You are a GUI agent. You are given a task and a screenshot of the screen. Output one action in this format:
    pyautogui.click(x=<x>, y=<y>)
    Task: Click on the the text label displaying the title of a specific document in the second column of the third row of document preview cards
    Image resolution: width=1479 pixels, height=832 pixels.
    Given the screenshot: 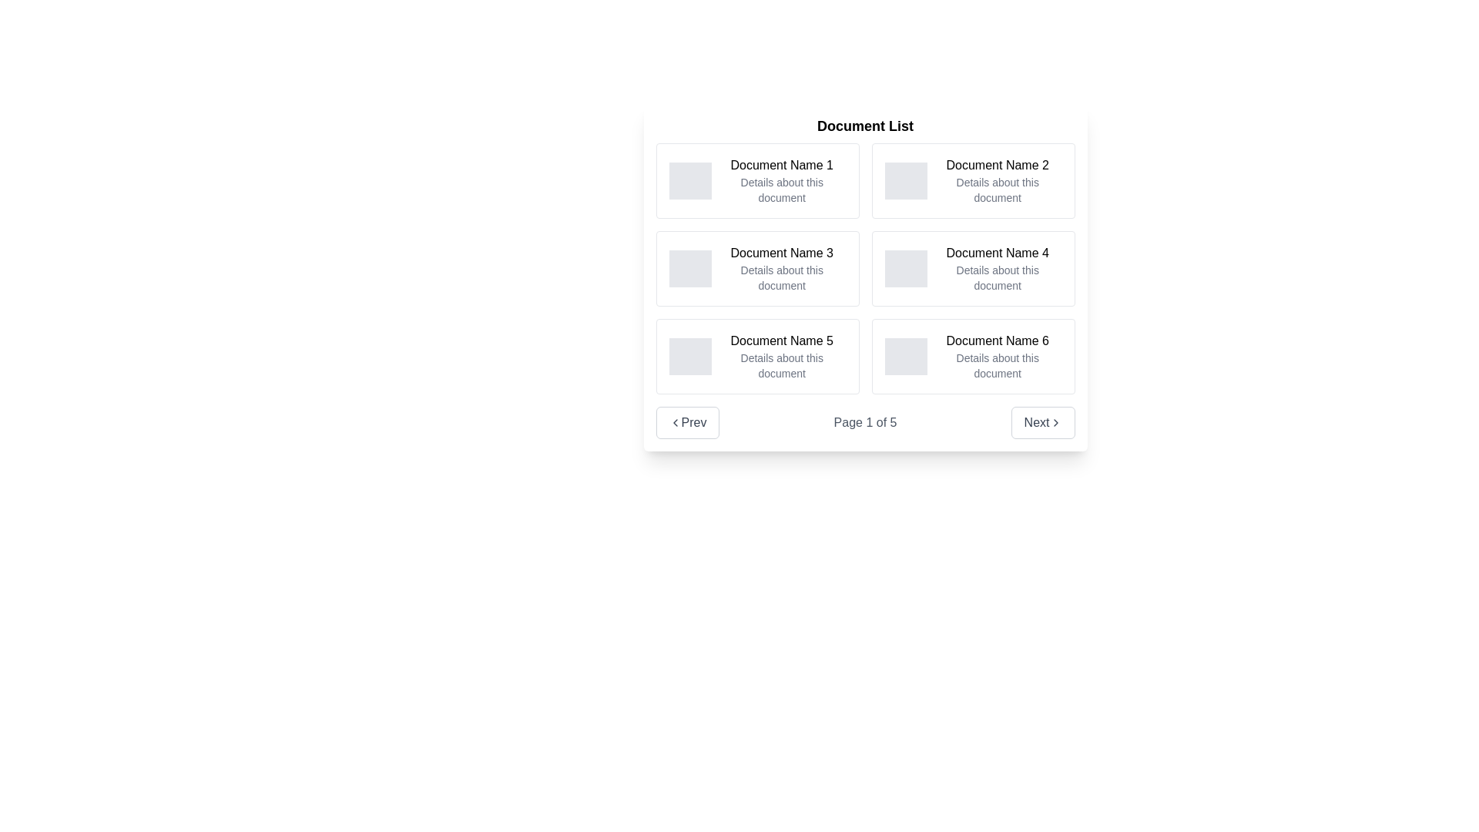 What is the action you would take?
    pyautogui.click(x=998, y=341)
    